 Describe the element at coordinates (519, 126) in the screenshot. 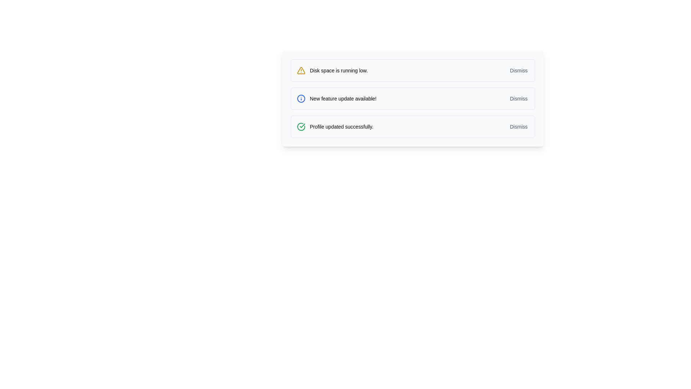

I see `the 'Dismiss' button, which is a small gray text button located at the far right side of the notification bar with a green background` at that location.